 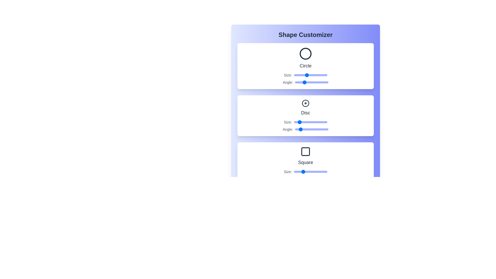 I want to click on the Square's angle slider to 314 degrees, so click(x=324, y=179).